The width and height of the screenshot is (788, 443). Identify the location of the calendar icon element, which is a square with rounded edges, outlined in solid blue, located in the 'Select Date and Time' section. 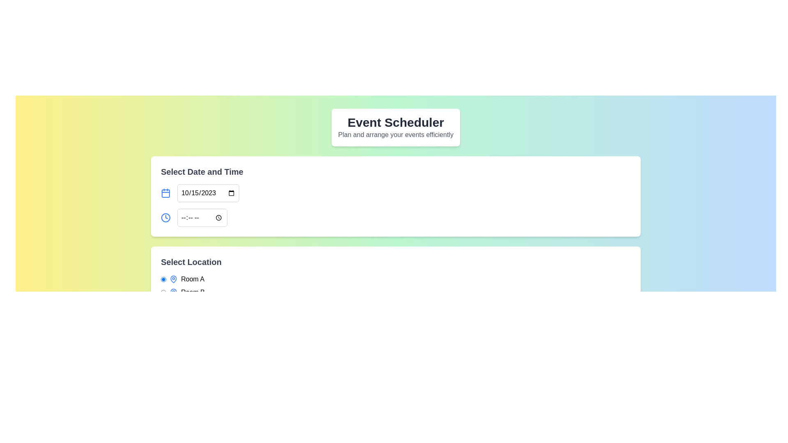
(165, 193).